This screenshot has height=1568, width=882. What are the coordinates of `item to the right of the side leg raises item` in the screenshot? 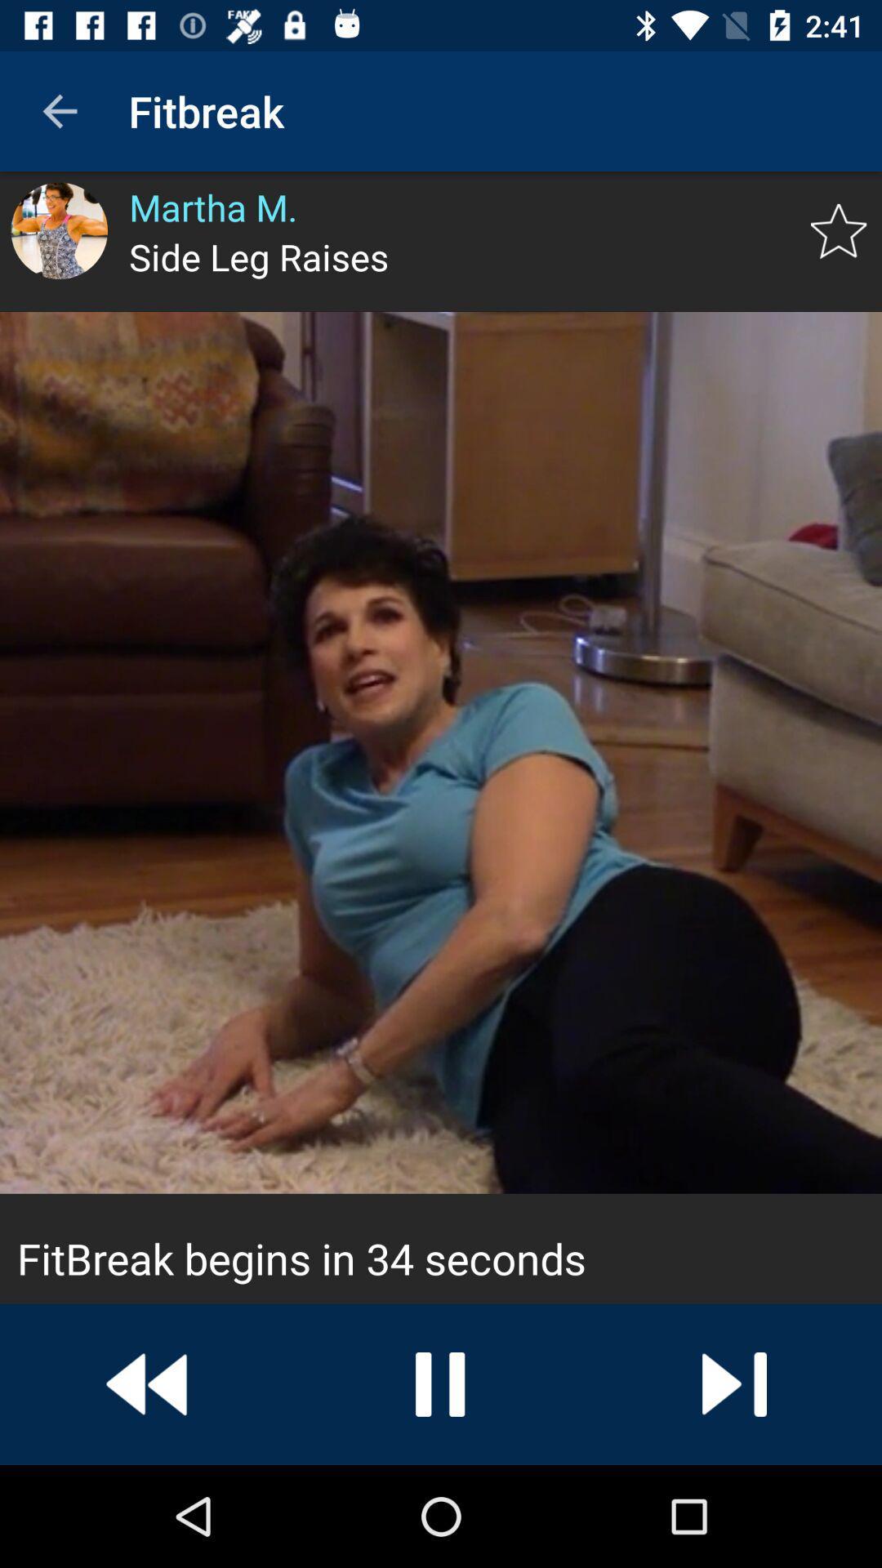 It's located at (839, 230).